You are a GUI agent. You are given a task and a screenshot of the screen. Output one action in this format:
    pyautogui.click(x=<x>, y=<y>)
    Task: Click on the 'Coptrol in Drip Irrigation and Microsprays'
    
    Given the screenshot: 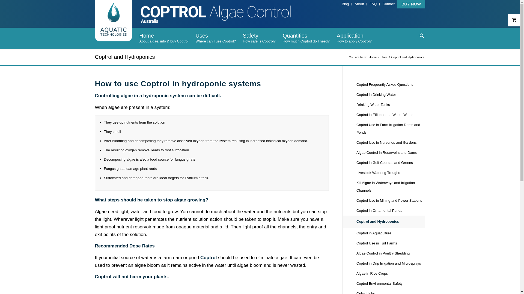 What is the action you would take?
    pyautogui.click(x=390, y=263)
    